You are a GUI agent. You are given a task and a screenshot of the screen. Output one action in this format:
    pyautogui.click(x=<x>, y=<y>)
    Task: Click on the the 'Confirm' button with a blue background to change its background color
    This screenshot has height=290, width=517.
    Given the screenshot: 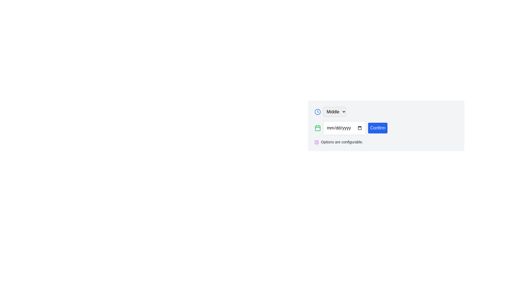 What is the action you would take?
    pyautogui.click(x=377, y=128)
    